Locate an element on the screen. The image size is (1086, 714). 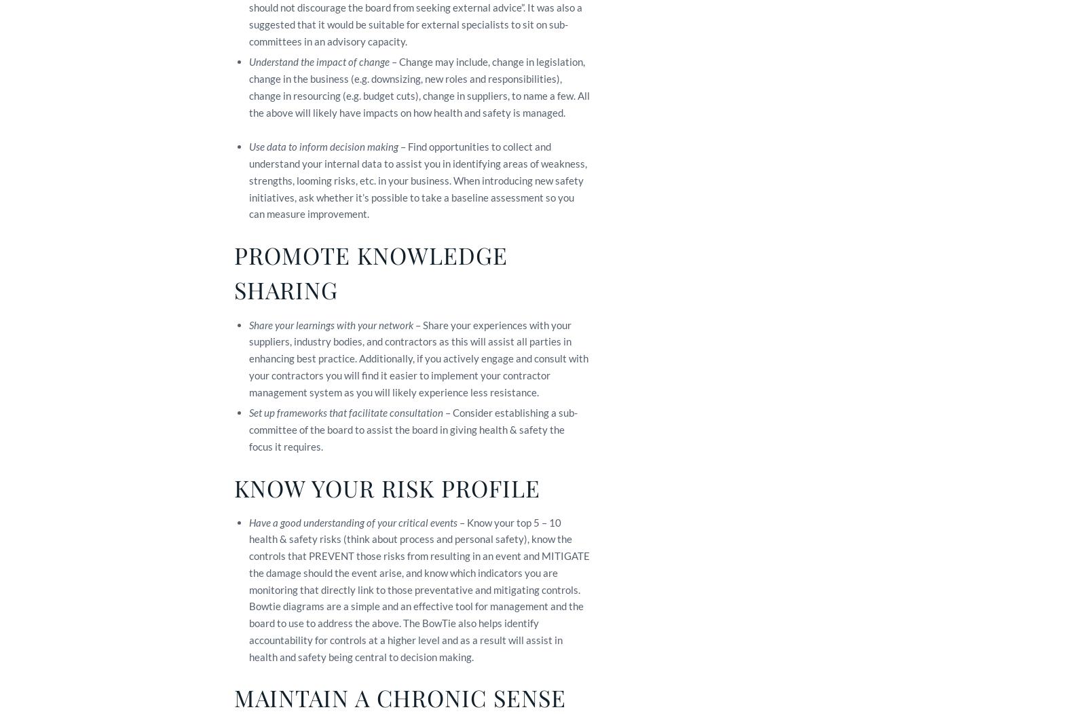
'Have a good understanding of your critical events' is located at coordinates (352, 521).